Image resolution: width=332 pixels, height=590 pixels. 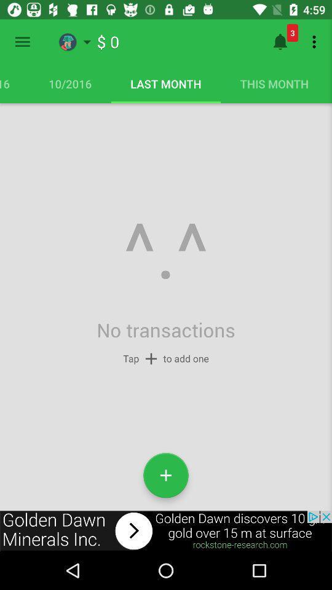 What do you see at coordinates (22, 42) in the screenshot?
I see `open menu` at bounding box center [22, 42].